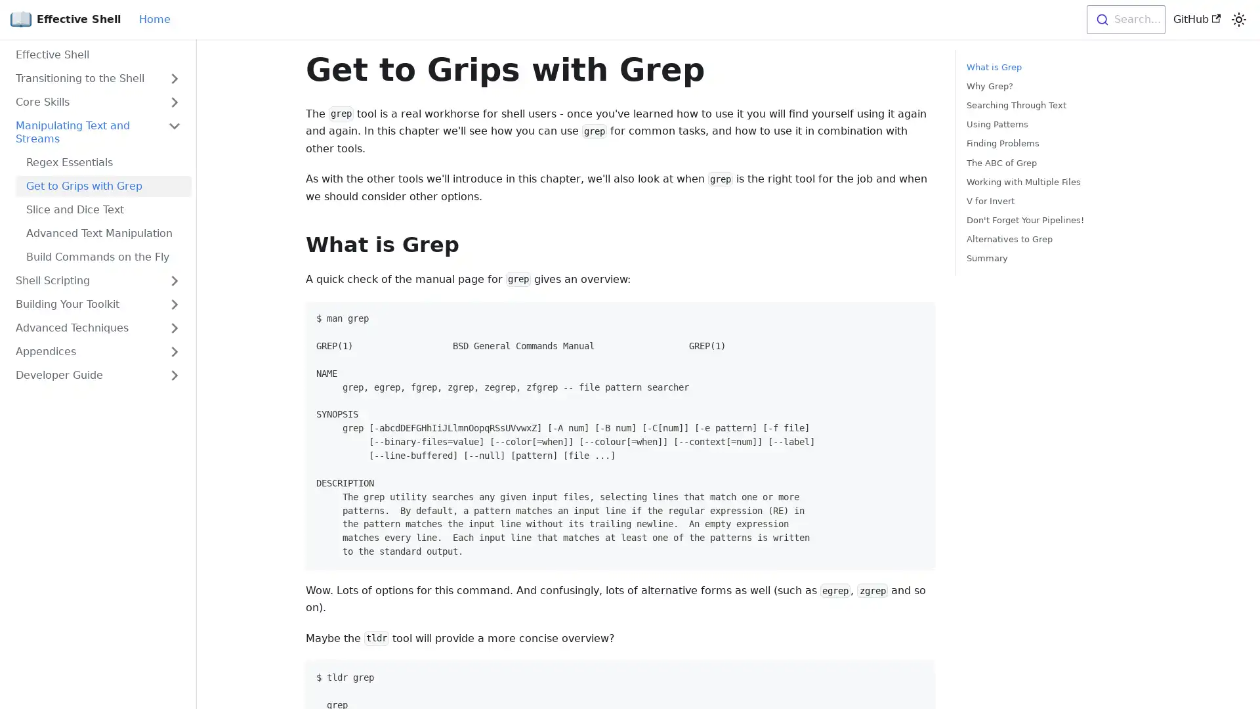 This screenshot has height=709, width=1260. I want to click on Copy code to clipboard, so click(917, 317).